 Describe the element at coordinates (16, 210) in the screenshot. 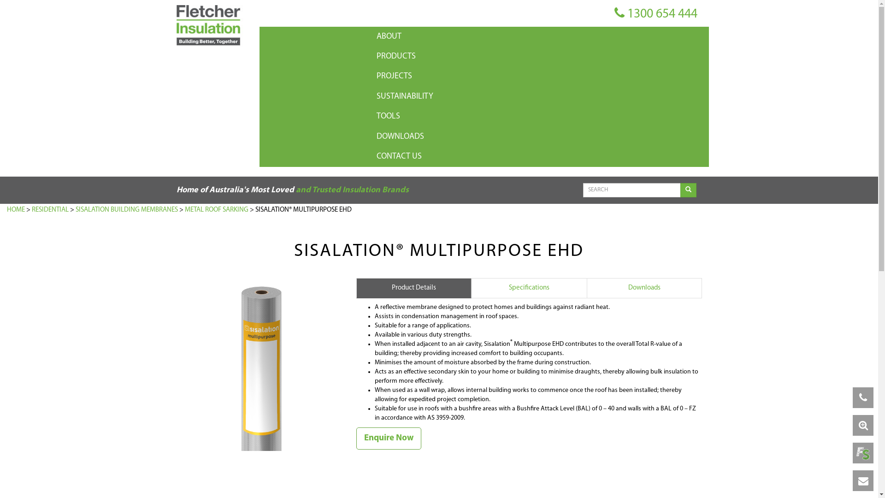

I see `'HOME'` at that location.